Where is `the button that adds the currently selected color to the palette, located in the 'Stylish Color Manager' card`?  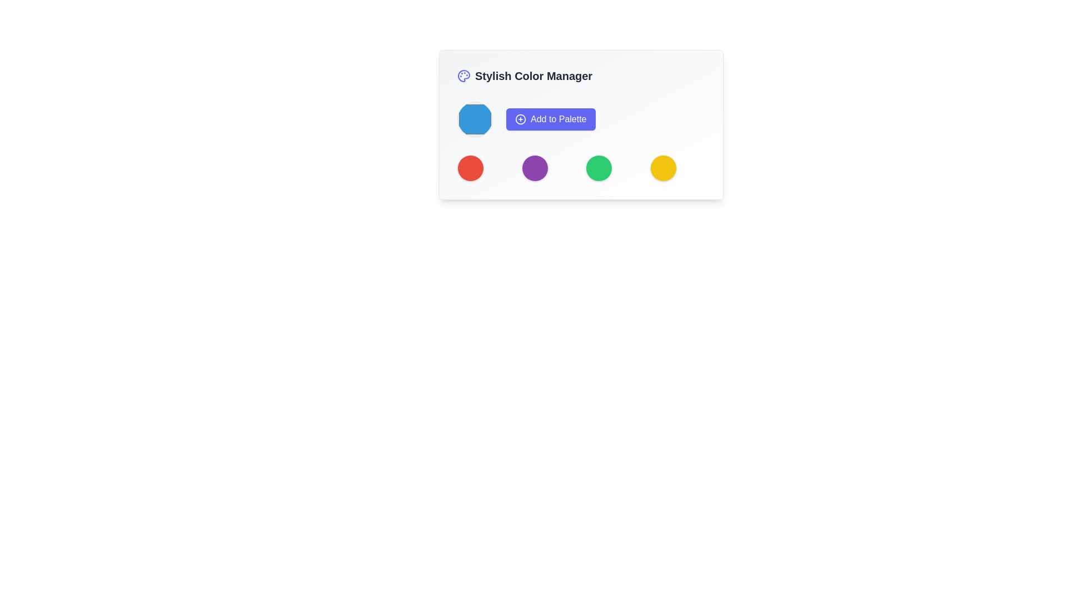 the button that adds the currently selected color to the palette, located in the 'Stylish Color Manager' card is located at coordinates (551, 119).